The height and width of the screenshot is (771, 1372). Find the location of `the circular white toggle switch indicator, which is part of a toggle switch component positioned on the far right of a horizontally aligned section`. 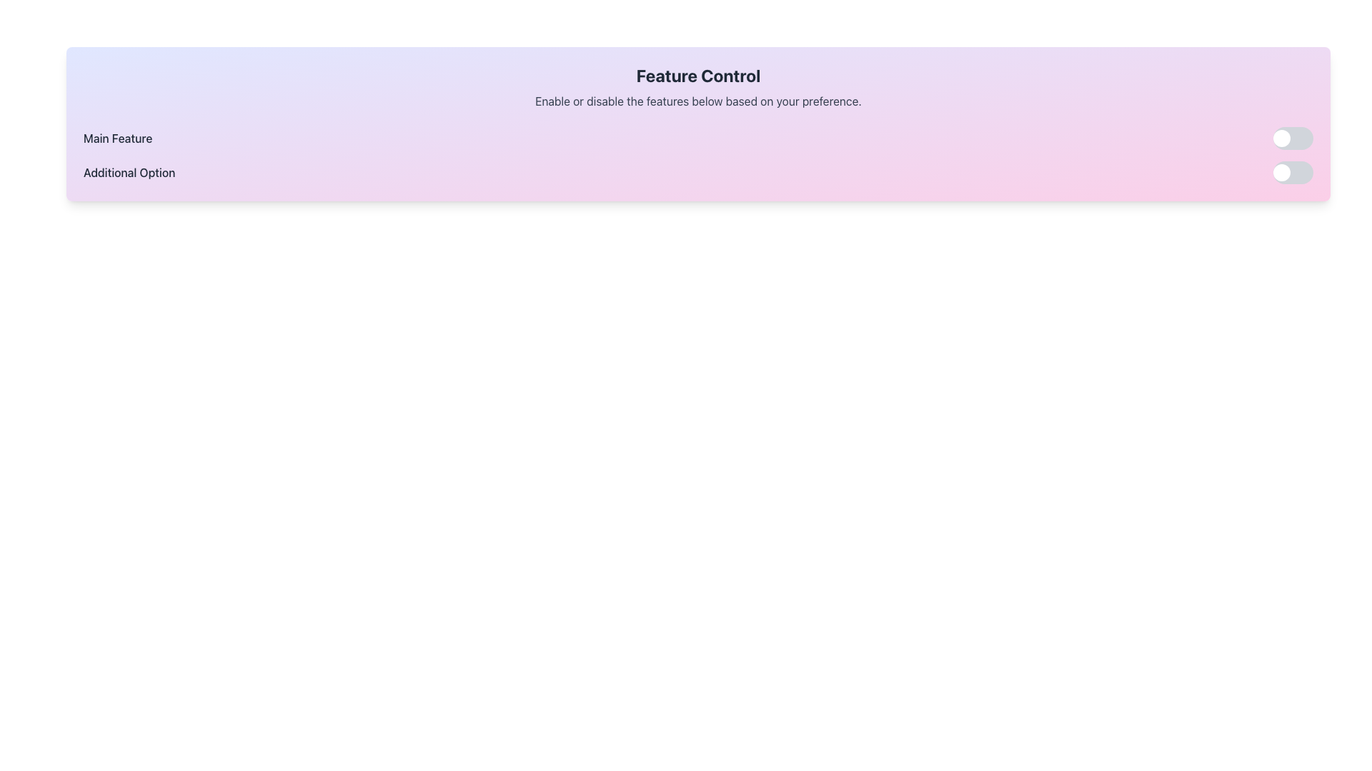

the circular white toggle switch indicator, which is part of a toggle switch component positioned on the far right of a horizontally aligned section is located at coordinates (1282, 138).